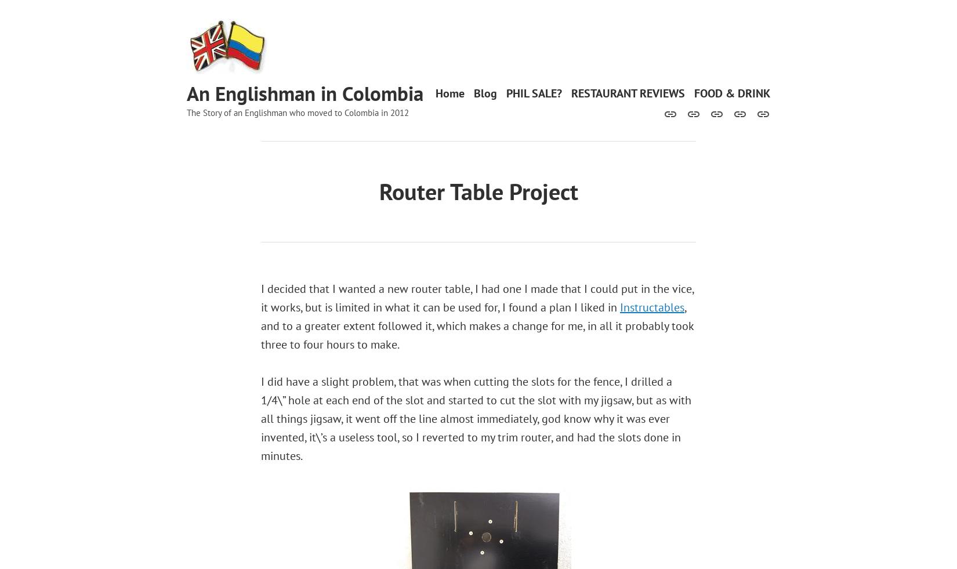 This screenshot has width=957, height=569. Describe the element at coordinates (476, 419) in the screenshot. I see `'I did have a slight problem, that was when cutting the slots for the fence, I drilled a 1/4\” hole at each end of the slot and started to cut the slot with my jigsaw, but as with all things jigsaw, it went off the line almost immediately, god know why it was ever invented, it\’s a useless tool, so I reverted to my trim router, and had the slots done in minutes.'` at that location.